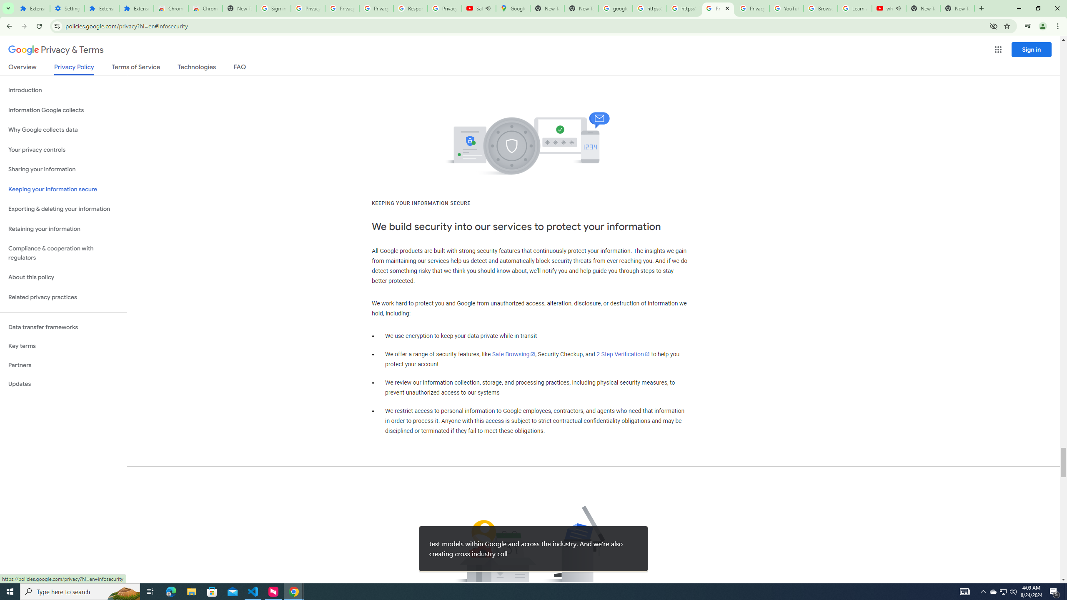 The image size is (1067, 600). I want to click on 'Sign in - Google Accounts', so click(273, 8).